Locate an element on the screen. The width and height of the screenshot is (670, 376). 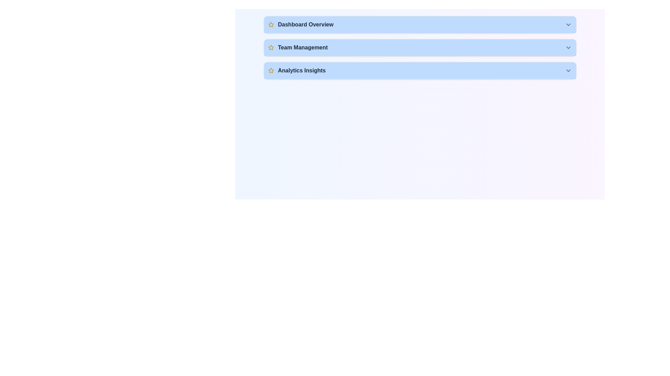
the text label displaying 'Analytics Insights', which is styled in bold gray font and positioned to the right of a yellow star icon is located at coordinates (301, 71).